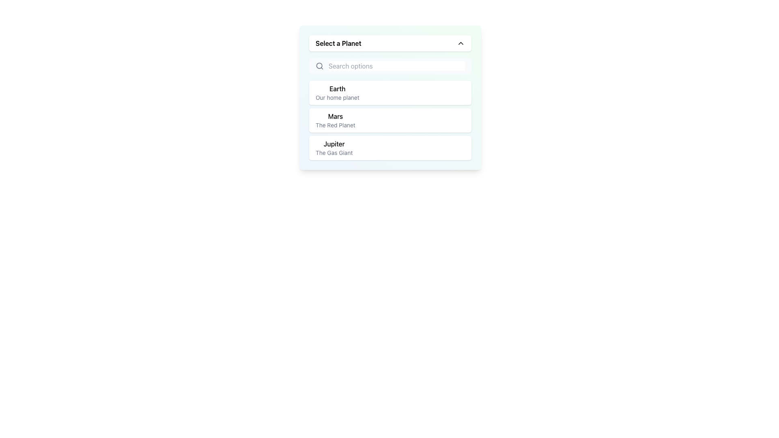 The width and height of the screenshot is (779, 438). I want to click on the third selectable list item titled 'Jupiter' with a white background and rounded corners, so click(390, 148).